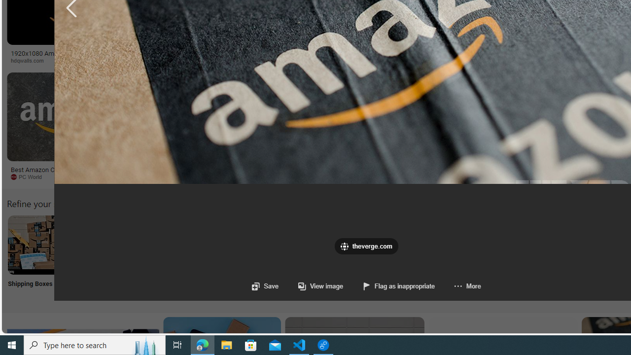 The width and height of the screenshot is (631, 355). I want to click on 'Save', so click(265, 286).